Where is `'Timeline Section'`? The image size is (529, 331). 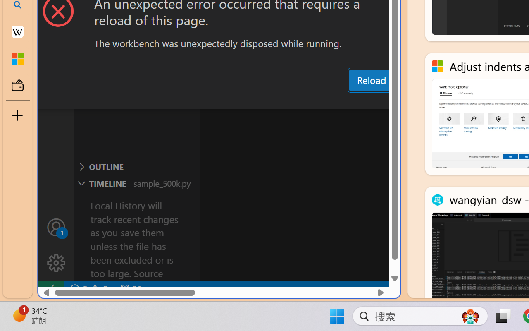
'Timeline Section' is located at coordinates (137, 182).